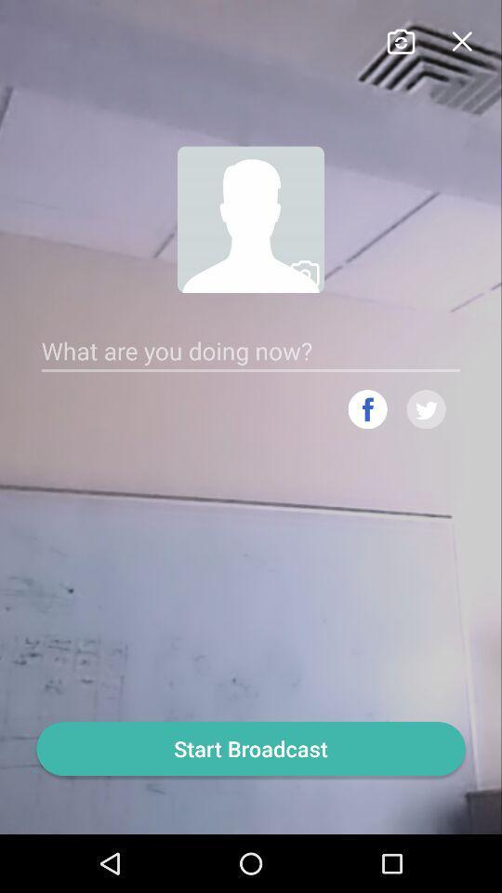 The width and height of the screenshot is (502, 893). Describe the element at coordinates (426, 438) in the screenshot. I see `the twitter icon` at that location.